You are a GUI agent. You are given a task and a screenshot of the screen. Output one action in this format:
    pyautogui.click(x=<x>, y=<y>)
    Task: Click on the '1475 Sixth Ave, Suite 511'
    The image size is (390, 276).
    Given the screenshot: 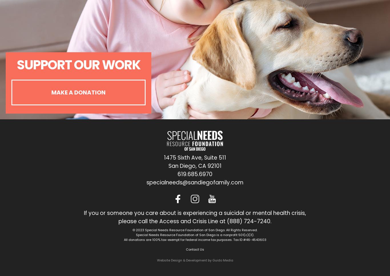 What is the action you would take?
    pyautogui.click(x=163, y=157)
    